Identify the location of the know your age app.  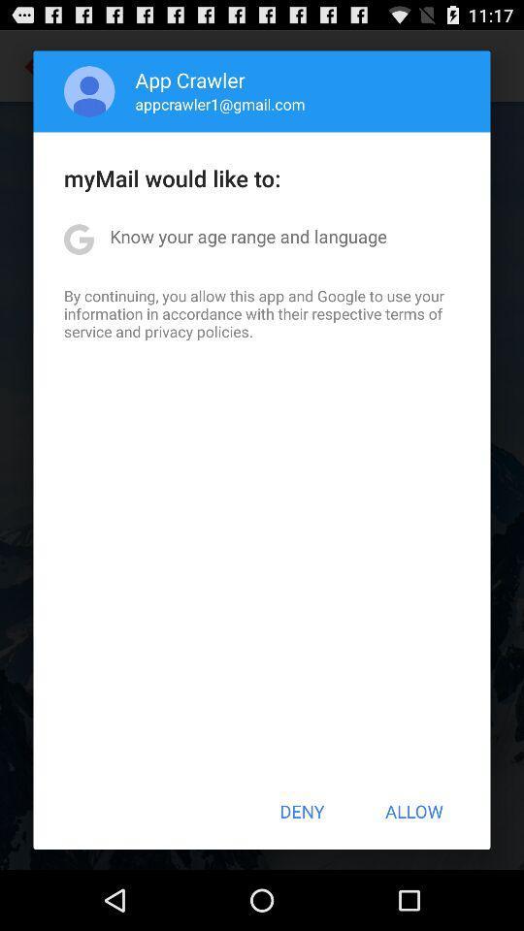
(248, 235).